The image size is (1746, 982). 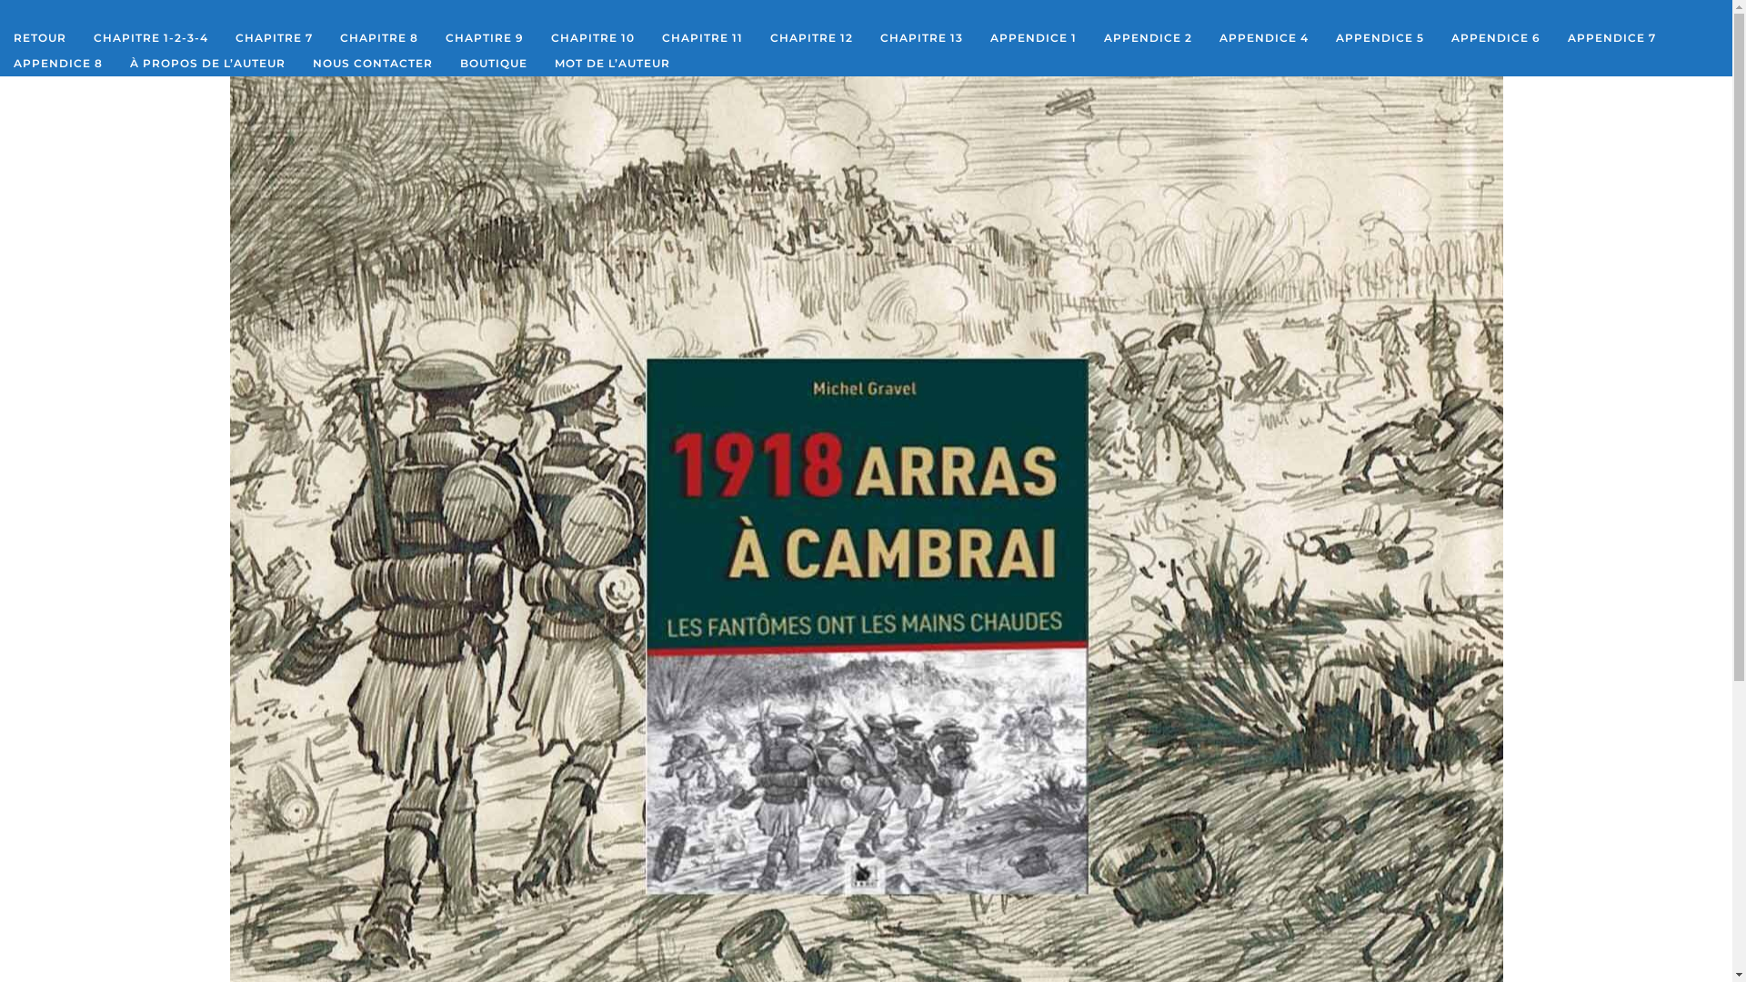 I want to click on 'CHAPITRE 11', so click(x=701, y=38).